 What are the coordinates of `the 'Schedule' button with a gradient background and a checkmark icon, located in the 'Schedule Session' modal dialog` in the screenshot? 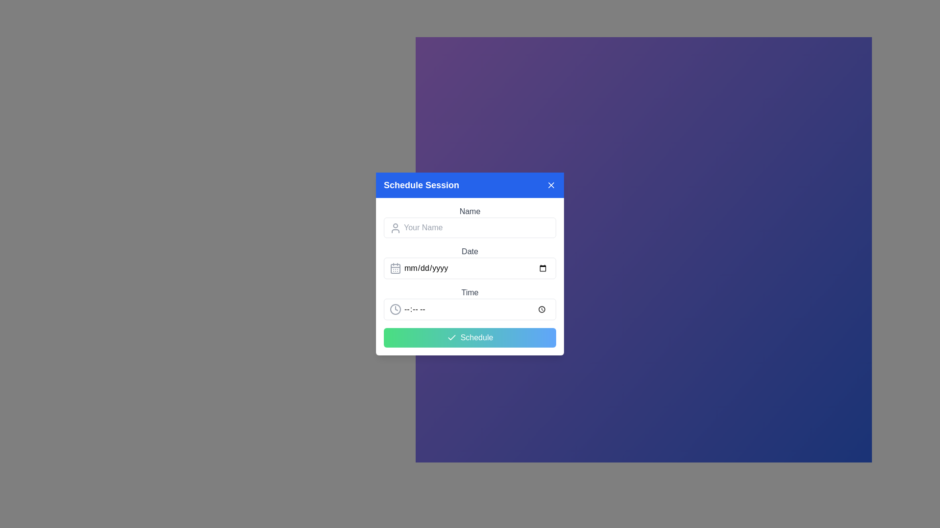 It's located at (470, 337).